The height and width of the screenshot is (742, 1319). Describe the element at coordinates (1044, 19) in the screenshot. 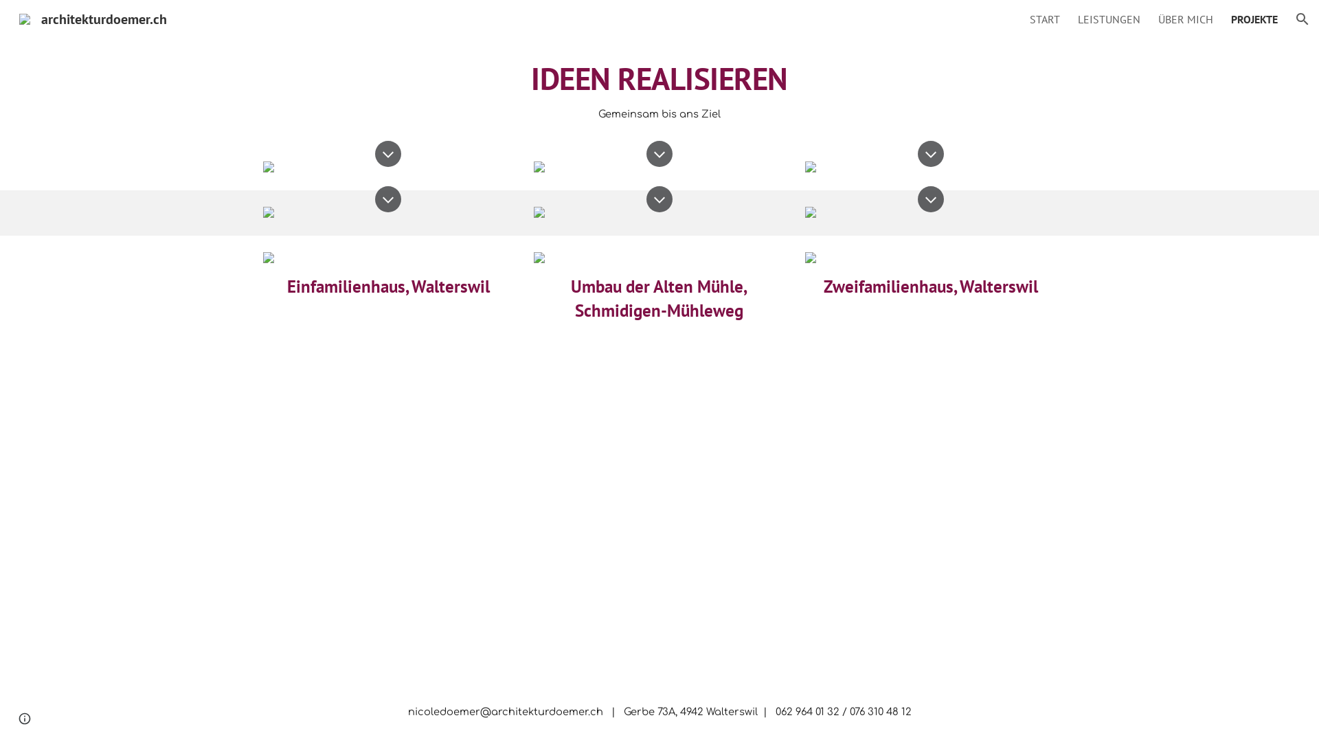

I see `'START'` at that location.